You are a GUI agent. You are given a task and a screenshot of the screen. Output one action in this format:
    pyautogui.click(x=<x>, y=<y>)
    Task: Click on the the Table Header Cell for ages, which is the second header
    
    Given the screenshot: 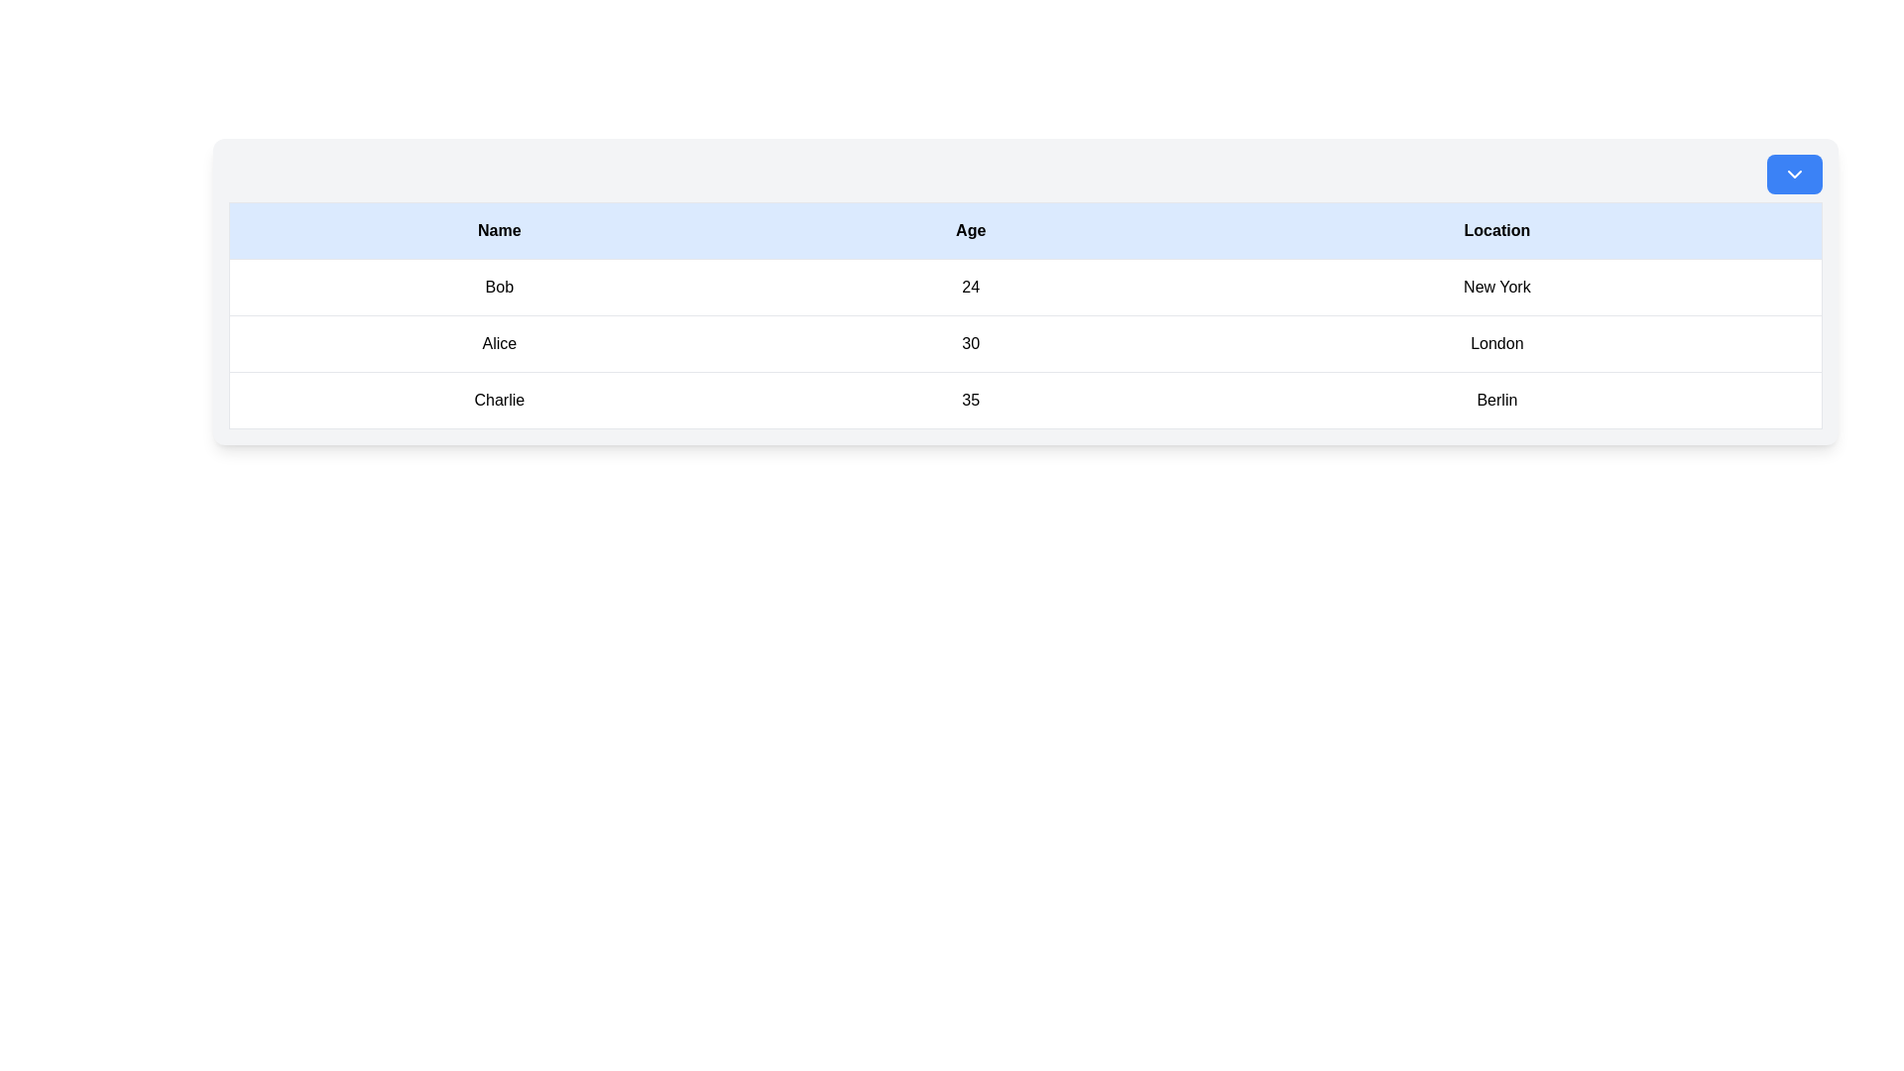 What is the action you would take?
    pyautogui.click(x=971, y=229)
    